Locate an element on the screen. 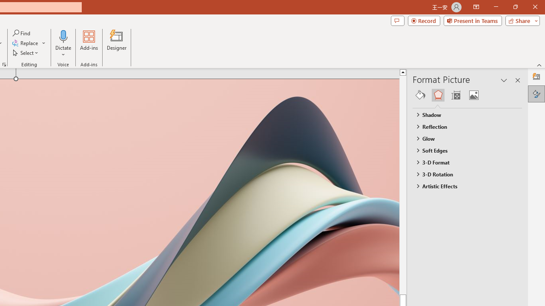  'Minimize' is located at coordinates (496, 7).